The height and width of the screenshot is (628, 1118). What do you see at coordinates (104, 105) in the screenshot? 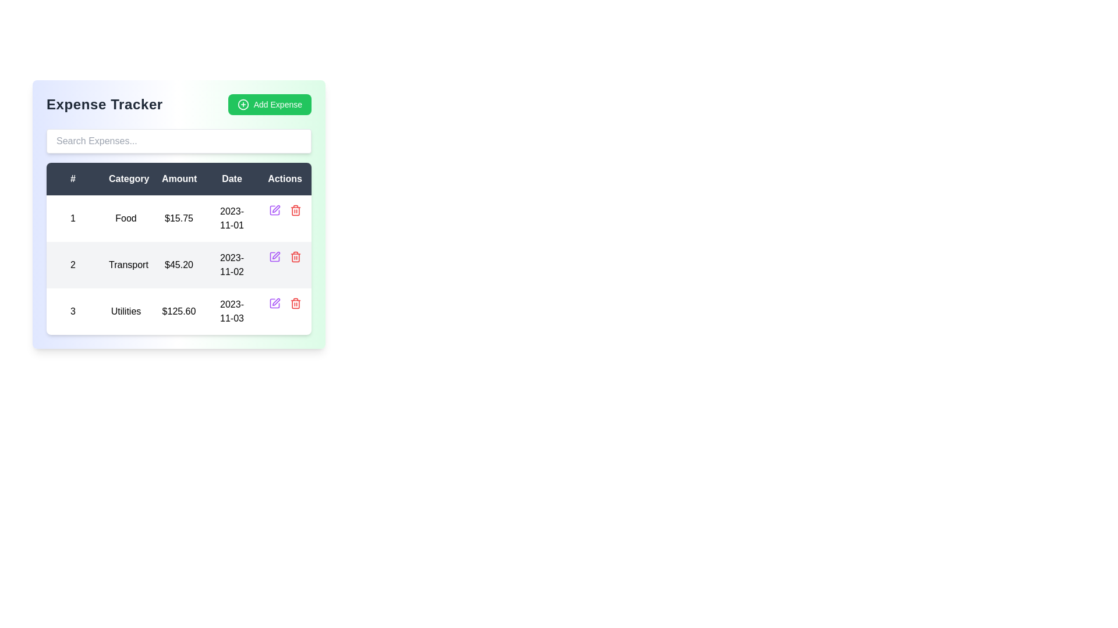
I see `'Expense Tracker' text element displayed in bold at the top left-hand corner of the interface` at bounding box center [104, 105].